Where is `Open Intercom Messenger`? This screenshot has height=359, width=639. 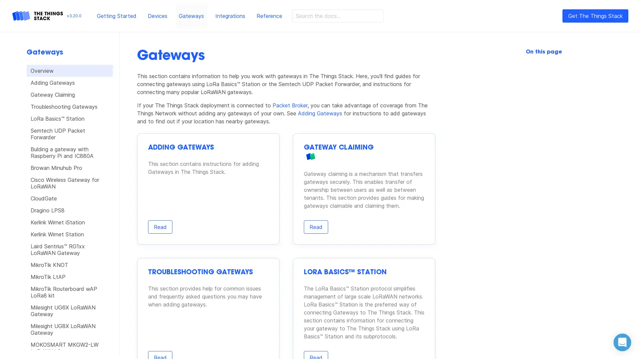 Open Intercom Messenger is located at coordinates (622, 342).